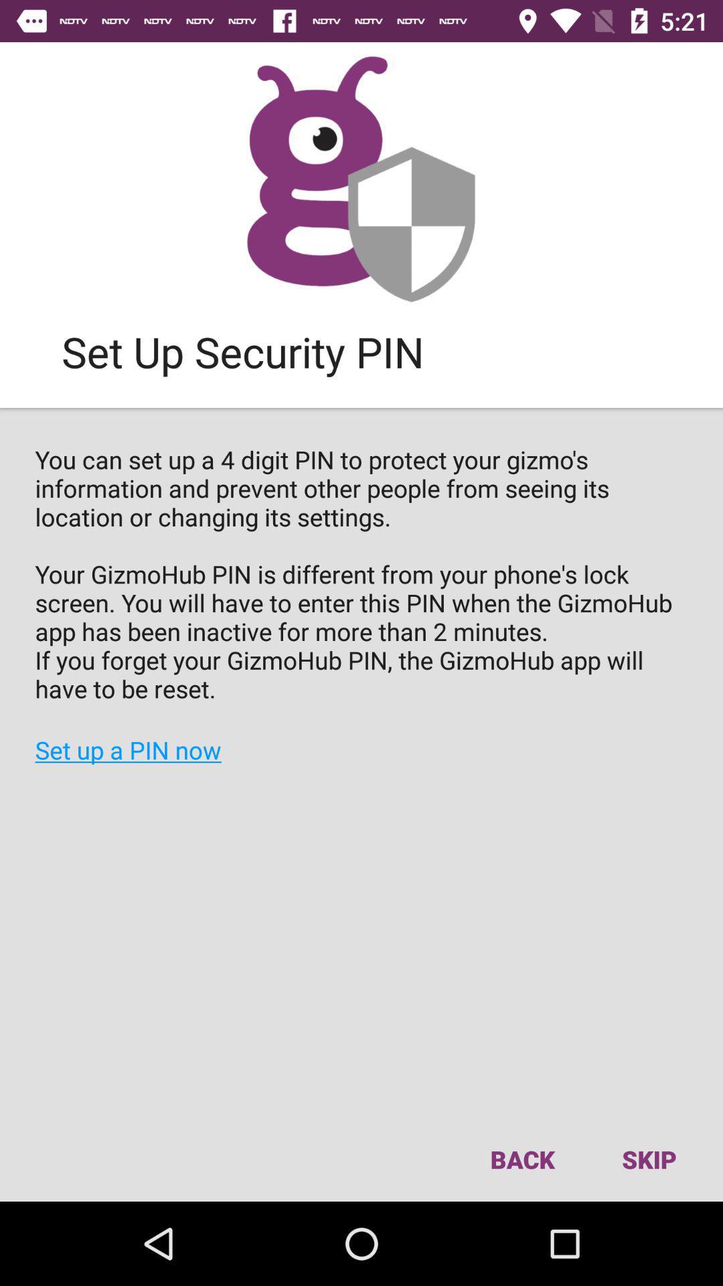  What do you see at coordinates (648, 1159) in the screenshot?
I see `icon next to the back` at bounding box center [648, 1159].